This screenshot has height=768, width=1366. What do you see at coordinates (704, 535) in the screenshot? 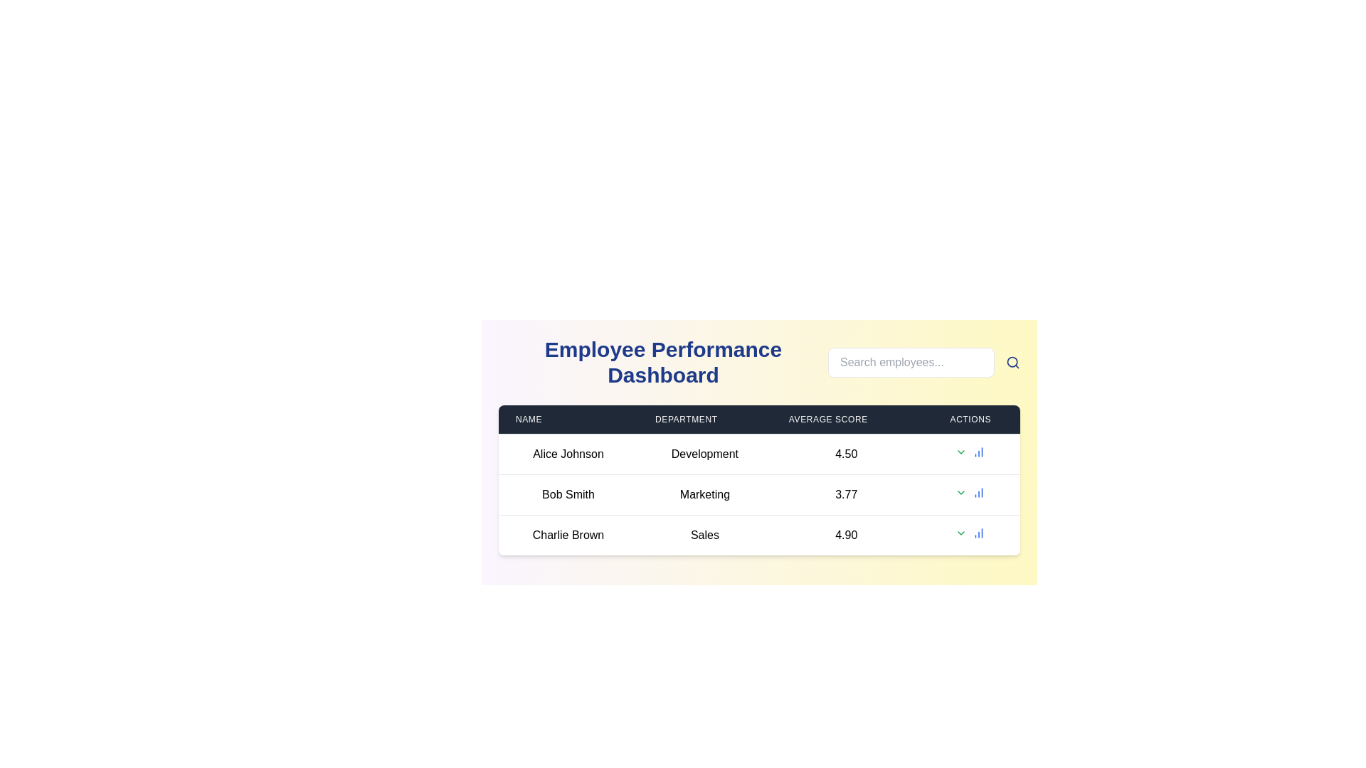
I see `the table cell displaying the text 'Sales' in the 'DEPARTMENT' column of the 'Employee Performance Dashboard' table` at bounding box center [704, 535].